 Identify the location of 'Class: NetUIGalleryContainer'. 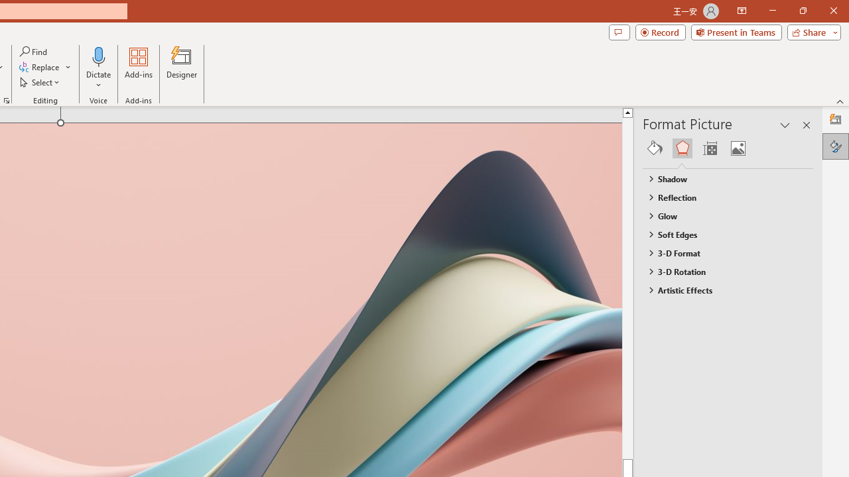
(728, 148).